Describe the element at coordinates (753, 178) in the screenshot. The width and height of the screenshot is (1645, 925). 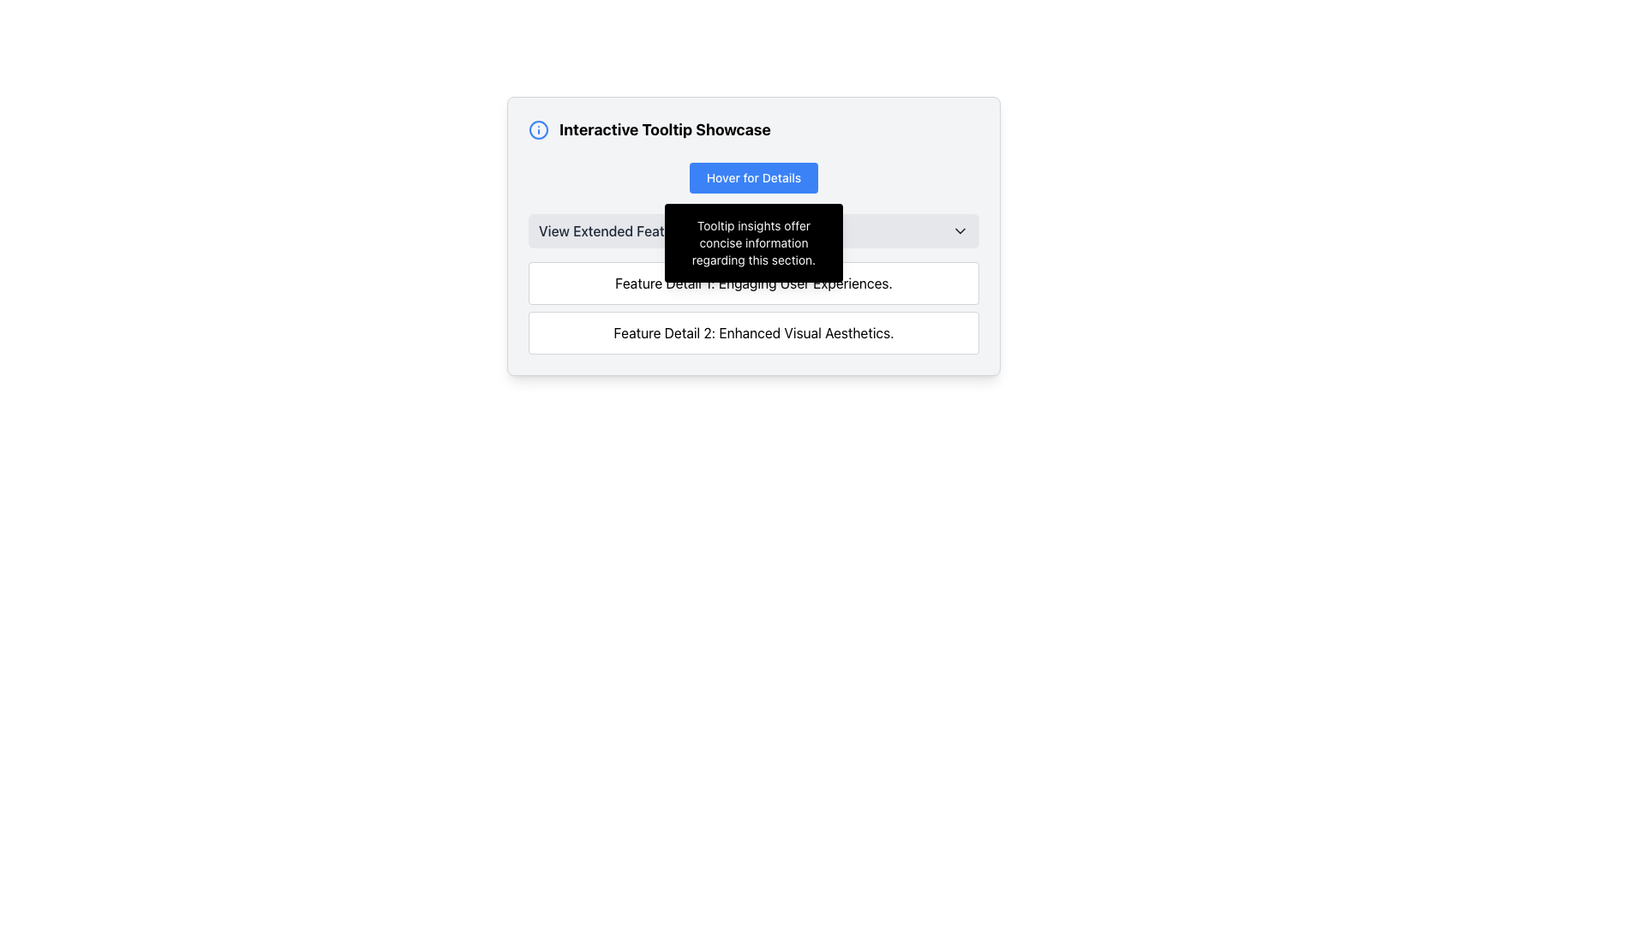
I see `the 'Hover for Details' button, which has a blue background and white text, located in the 'Interactive Tooltip Showcase' panel` at that location.